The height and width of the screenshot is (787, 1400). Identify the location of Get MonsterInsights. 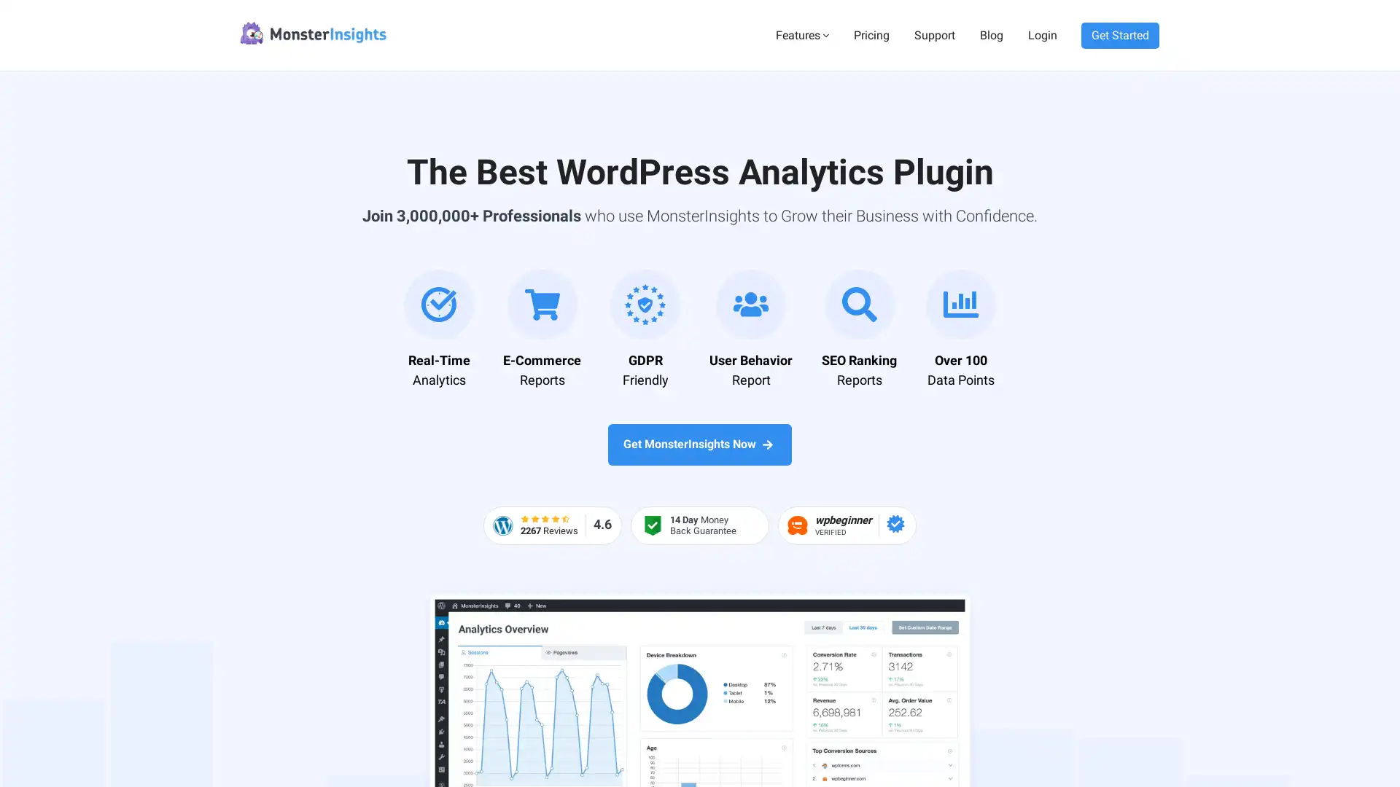
(1264, 745).